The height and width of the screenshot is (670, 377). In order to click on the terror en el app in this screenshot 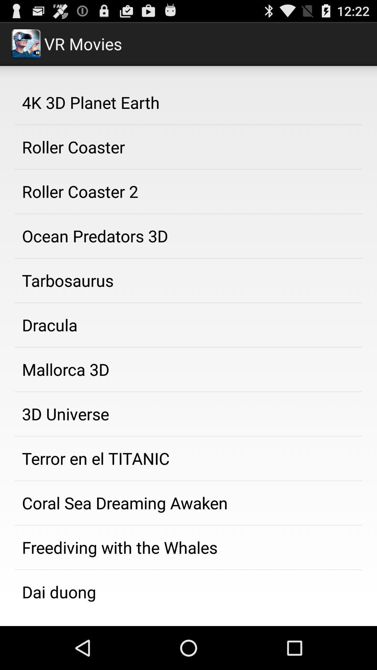, I will do `click(188, 459)`.